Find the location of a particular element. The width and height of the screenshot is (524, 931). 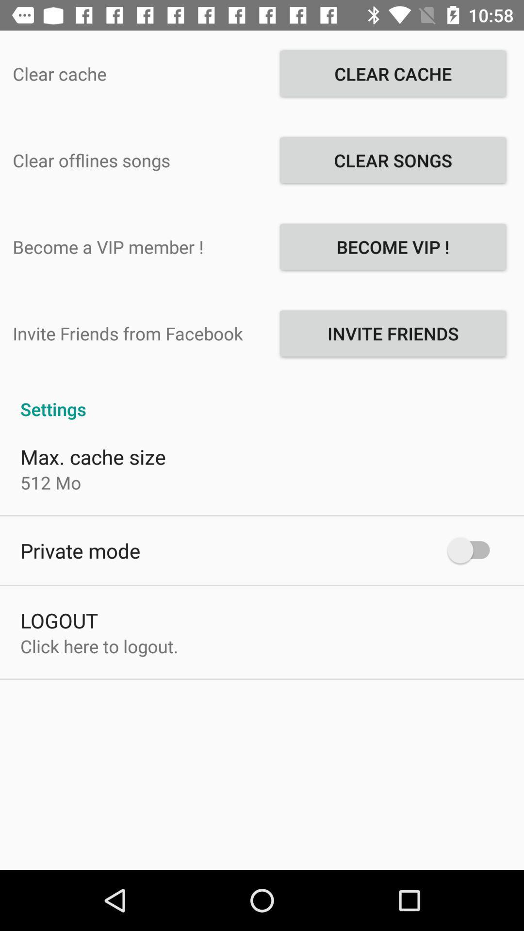

the icon below the 512 mo item is located at coordinates (80, 550).